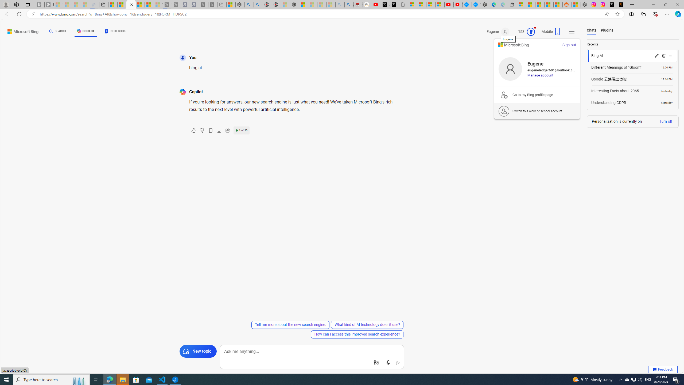 This screenshot has height=385, width=684. What do you see at coordinates (458, 4) in the screenshot?
I see `'YouTube Kids - An App Created for Kids to Explore Content'` at bounding box center [458, 4].